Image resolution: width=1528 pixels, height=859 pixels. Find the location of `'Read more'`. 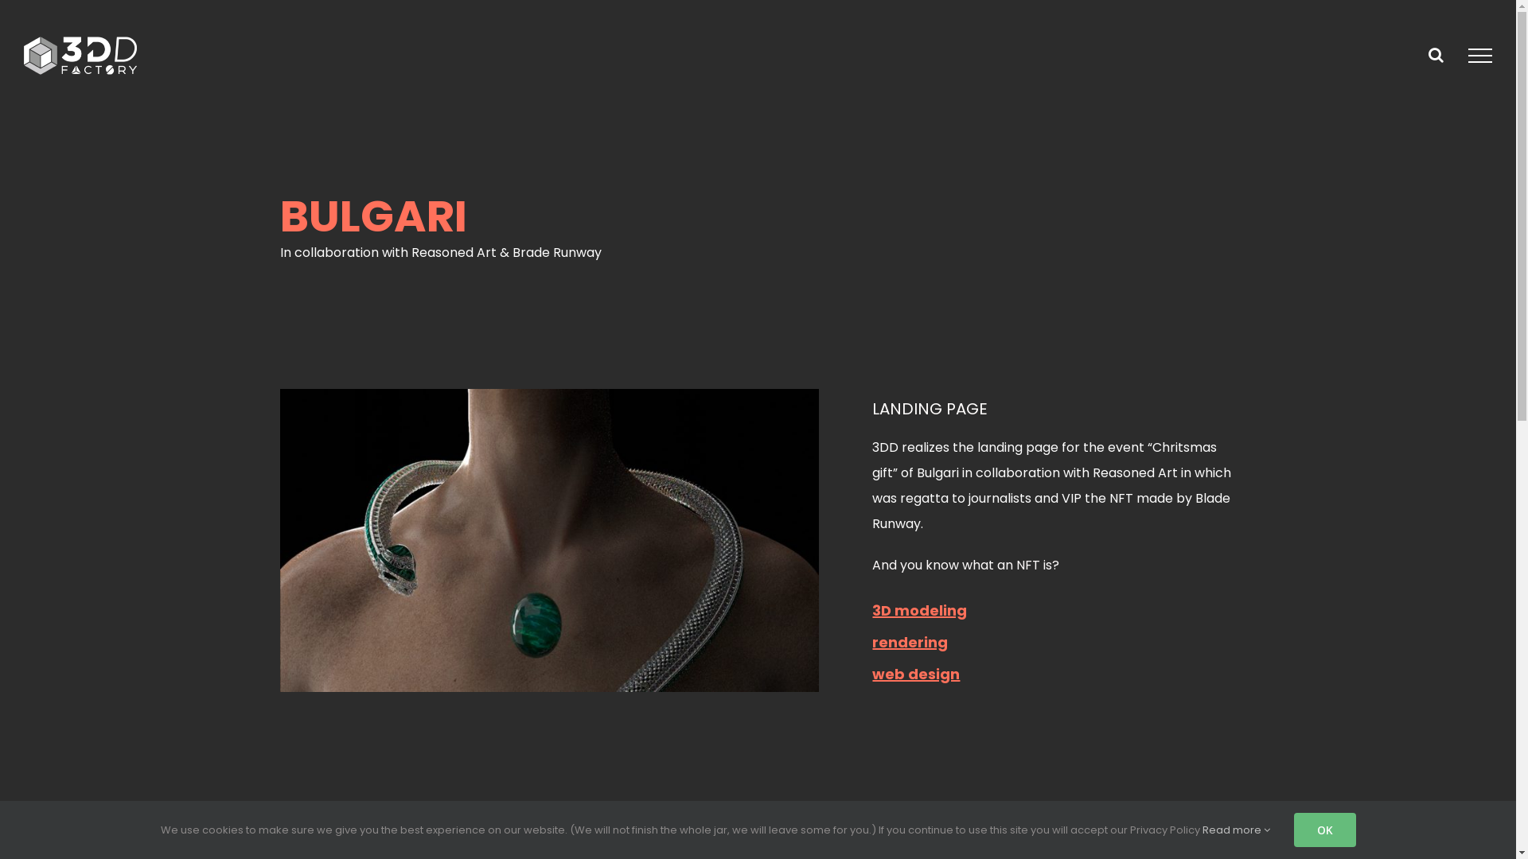

'Read more' is located at coordinates (1234, 829).